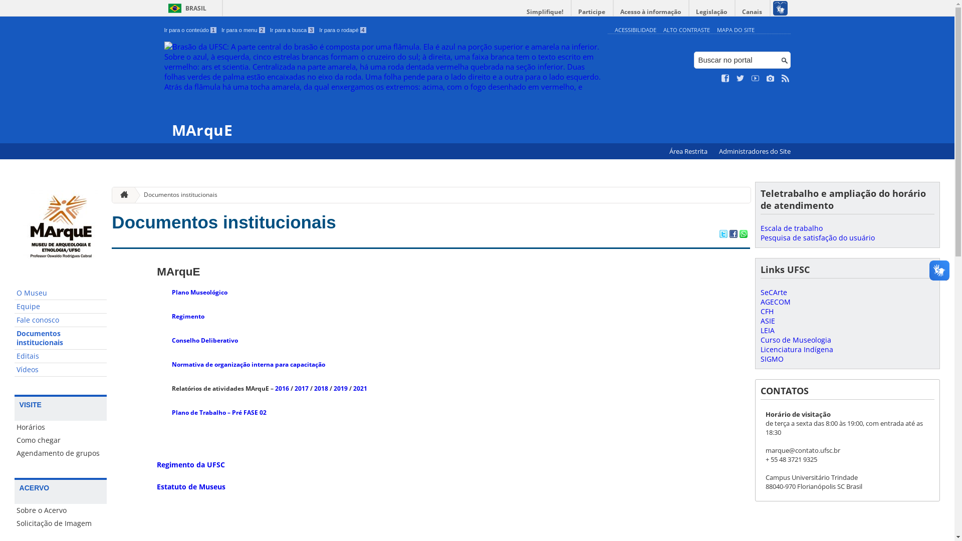 The image size is (962, 541). What do you see at coordinates (60, 440) in the screenshot?
I see `'Como chegar'` at bounding box center [60, 440].